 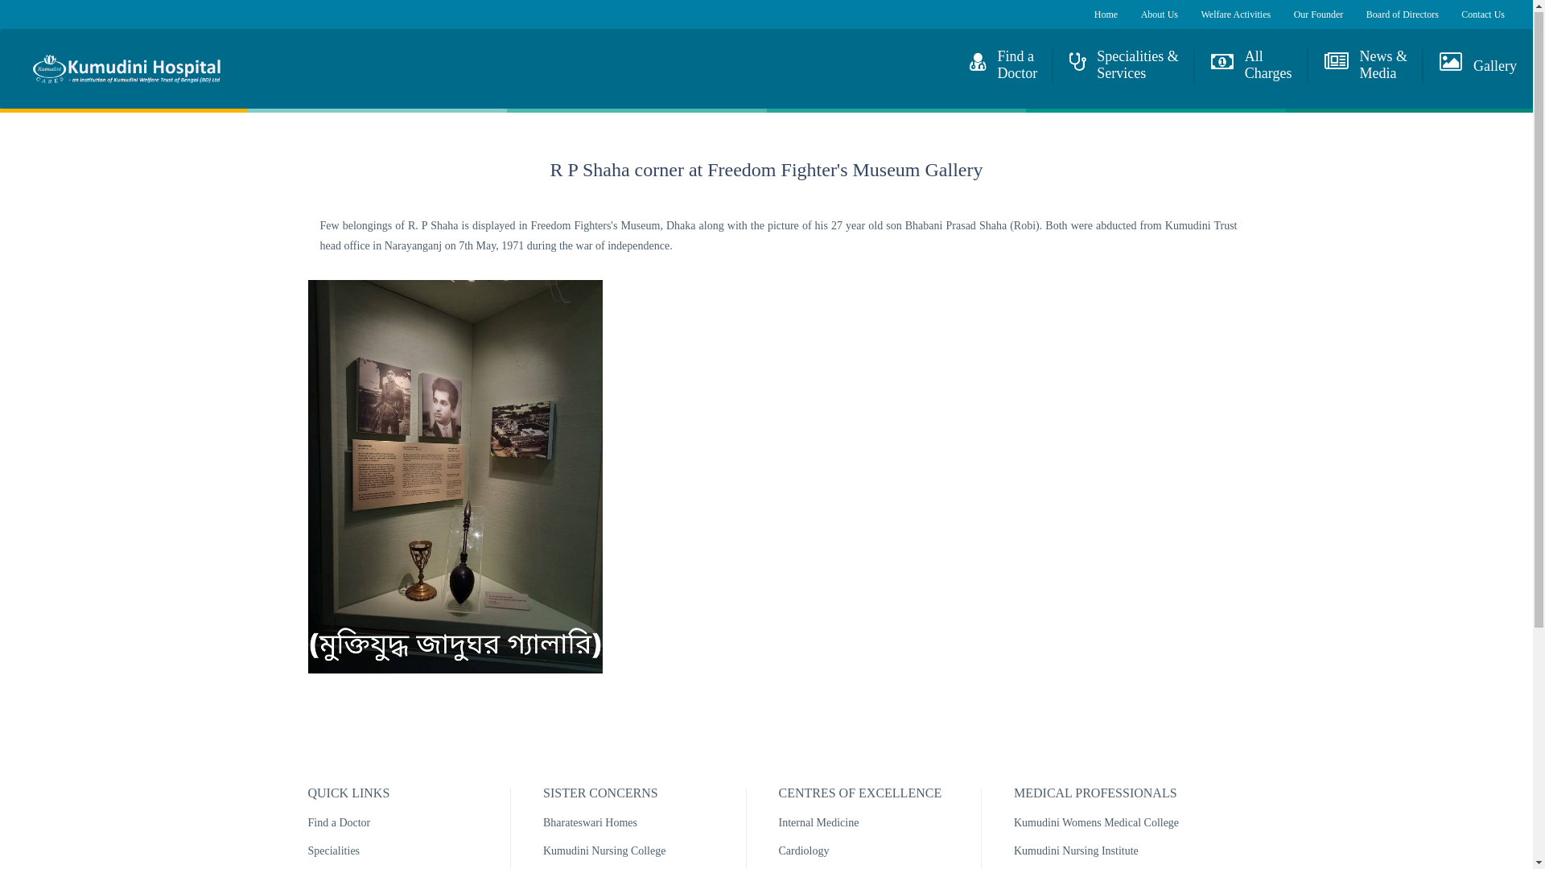 I want to click on 'Specialities &, so click(x=1123, y=66).